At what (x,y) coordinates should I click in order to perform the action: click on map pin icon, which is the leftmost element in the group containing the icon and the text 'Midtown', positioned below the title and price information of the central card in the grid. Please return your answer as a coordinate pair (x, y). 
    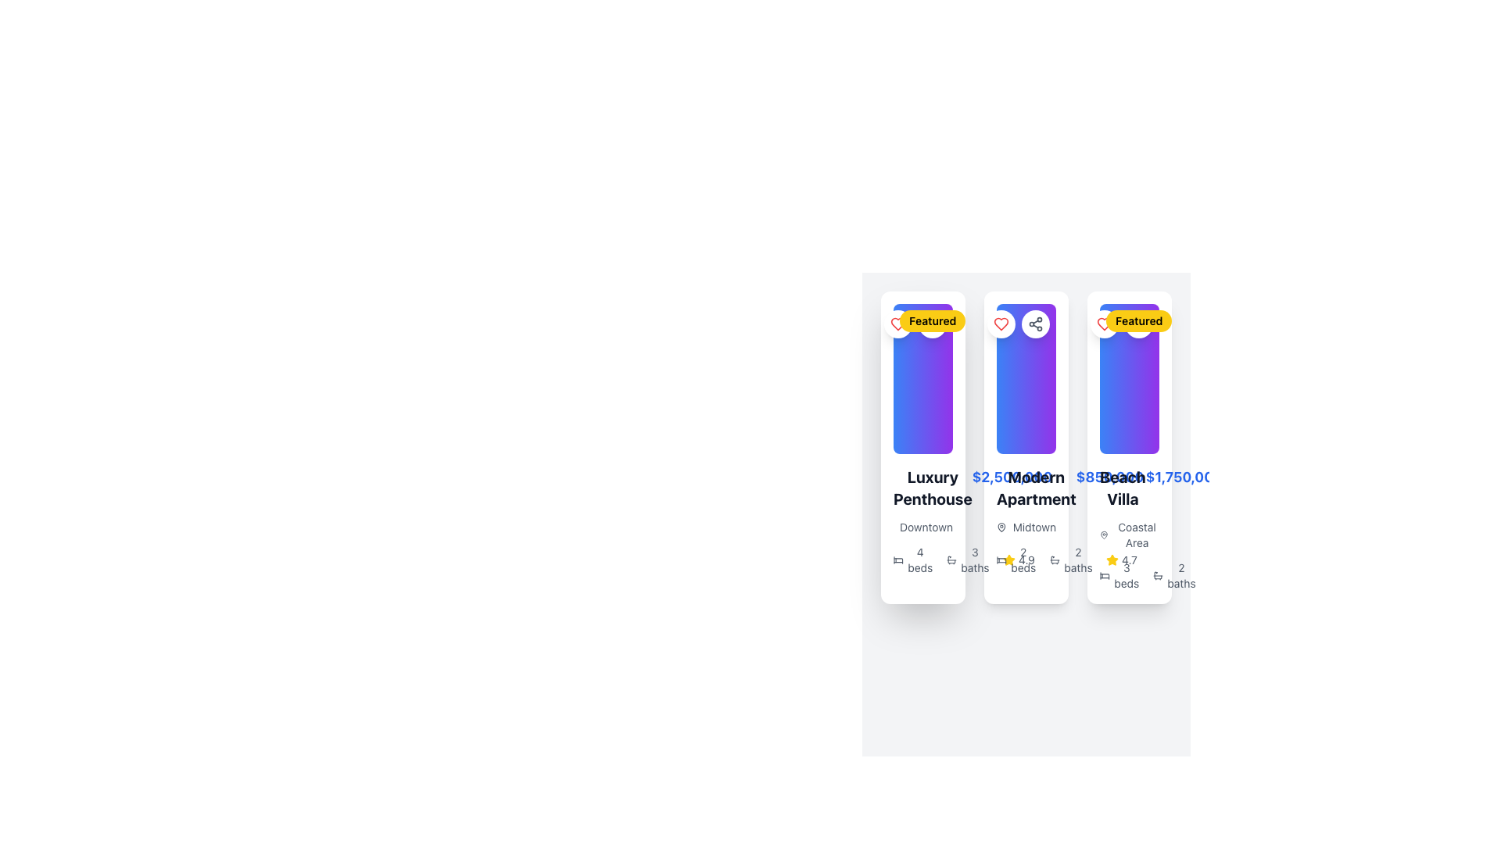
    Looking at the image, I should click on (1001, 527).